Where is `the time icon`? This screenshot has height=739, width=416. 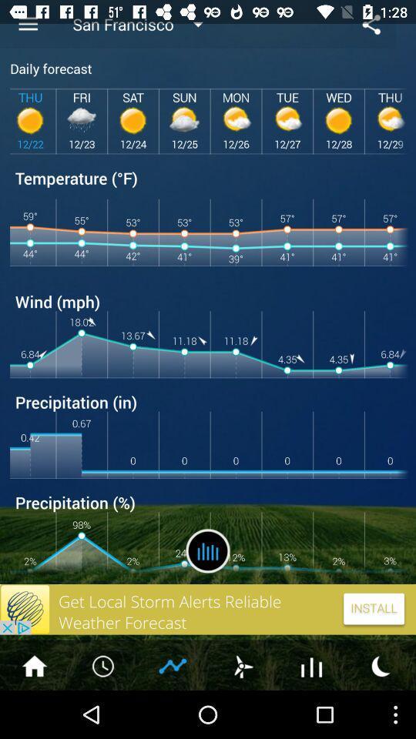
the time icon is located at coordinates (104, 712).